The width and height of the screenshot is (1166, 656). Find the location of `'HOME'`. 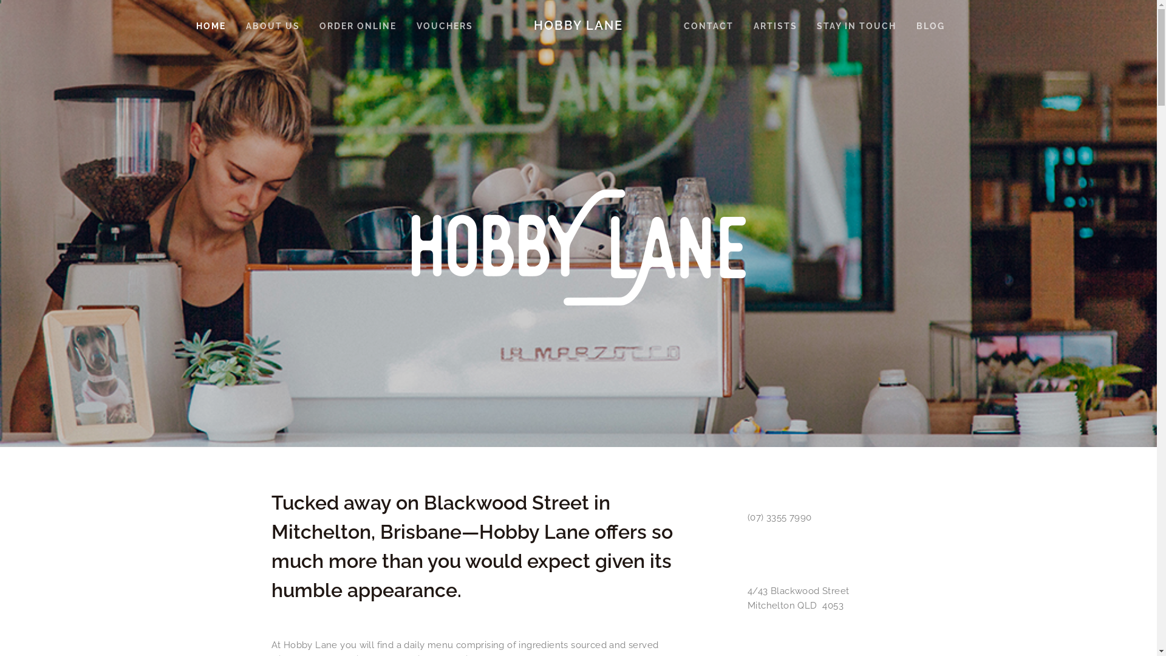

'HOME' is located at coordinates (211, 26).